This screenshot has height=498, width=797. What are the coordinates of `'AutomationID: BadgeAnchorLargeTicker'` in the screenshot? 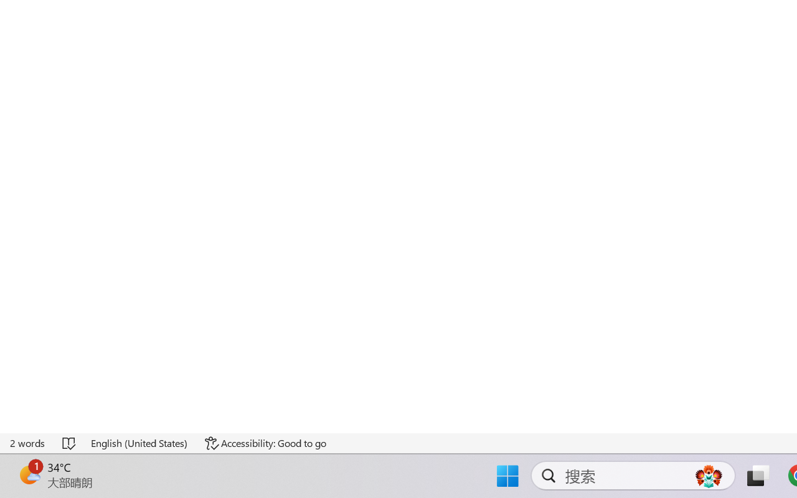 It's located at (29, 474).